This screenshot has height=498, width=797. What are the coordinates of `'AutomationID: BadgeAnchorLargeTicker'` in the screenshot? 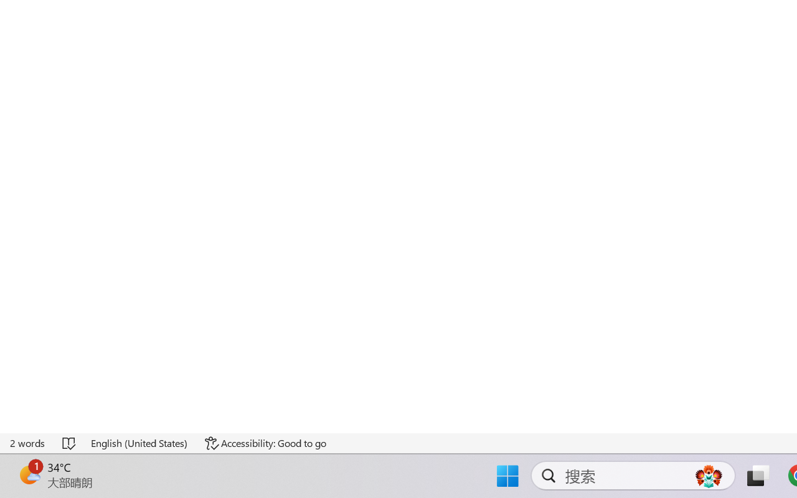 It's located at (29, 474).